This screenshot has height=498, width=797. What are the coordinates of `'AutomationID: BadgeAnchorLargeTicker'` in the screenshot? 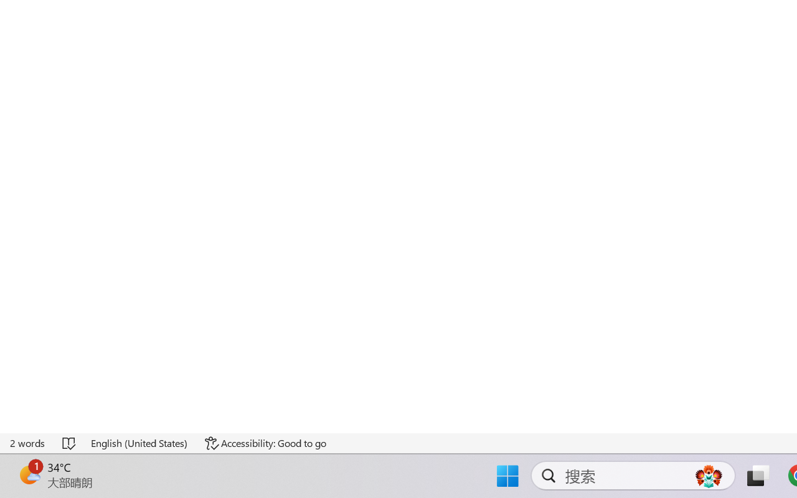 It's located at (29, 474).